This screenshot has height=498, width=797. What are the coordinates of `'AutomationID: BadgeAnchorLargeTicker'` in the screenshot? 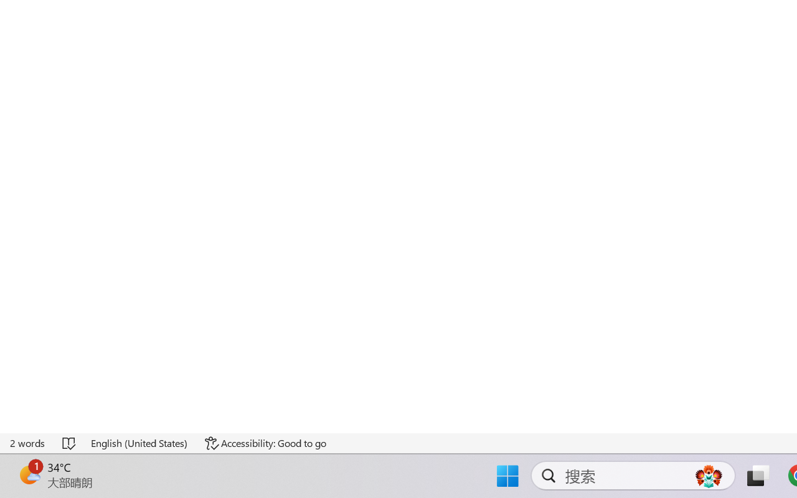 It's located at (29, 474).